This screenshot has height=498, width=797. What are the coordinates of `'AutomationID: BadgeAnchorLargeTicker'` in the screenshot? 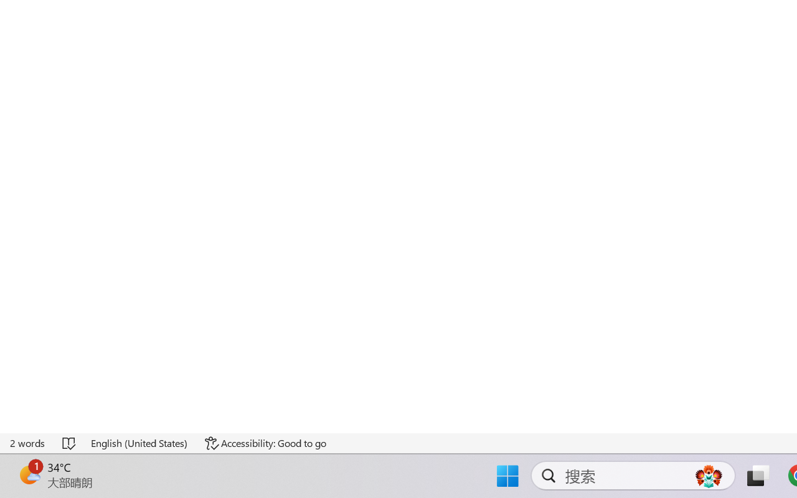 It's located at (29, 474).